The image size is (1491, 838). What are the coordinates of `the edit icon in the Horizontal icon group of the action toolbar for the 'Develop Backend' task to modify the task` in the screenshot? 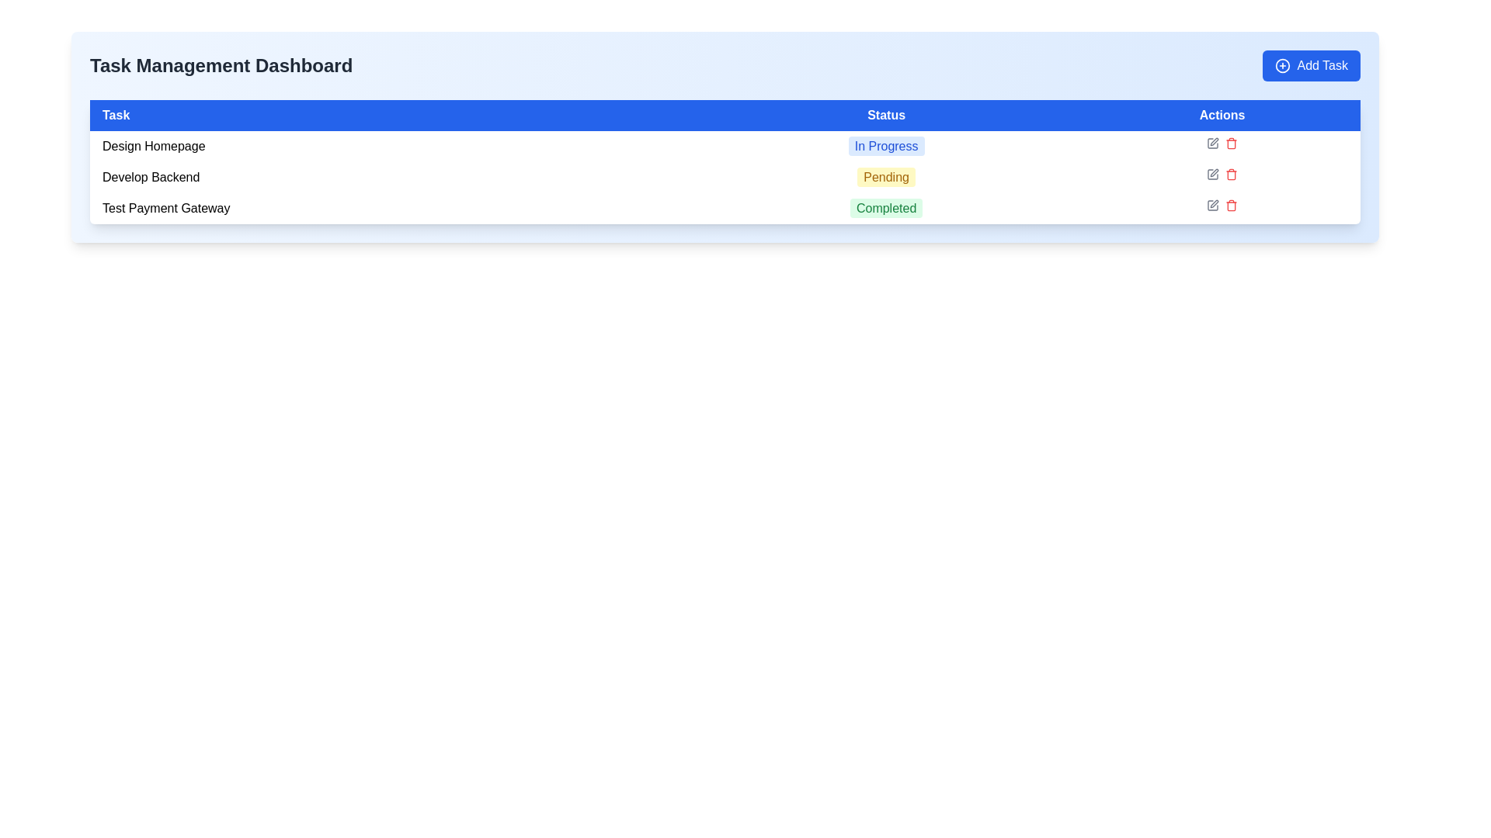 It's located at (1222, 174).